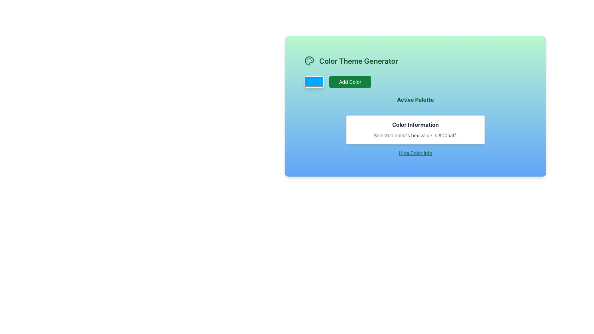 This screenshot has width=594, height=334. I want to click on the 'Add Color' button, which is a rectangular button with a green background and white text, so click(350, 82).